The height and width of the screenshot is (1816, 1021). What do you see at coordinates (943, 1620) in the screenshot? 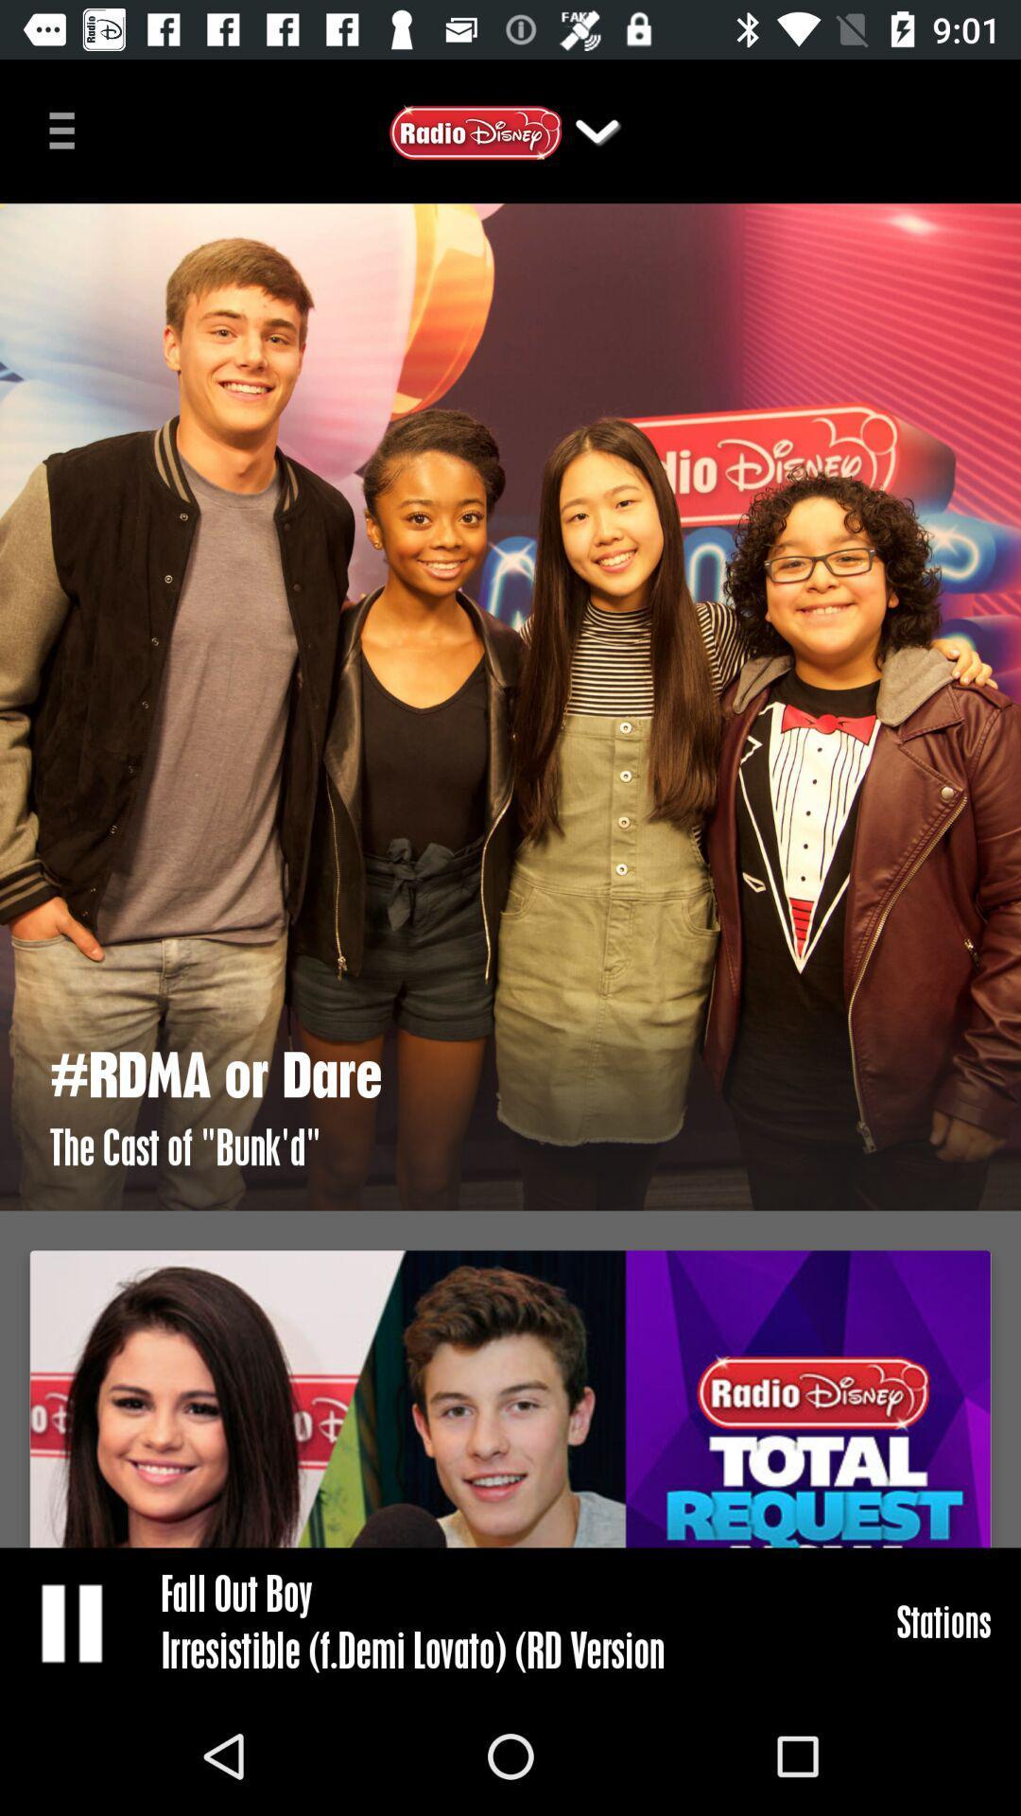
I see `the stations icon` at bounding box center [943, 1620].